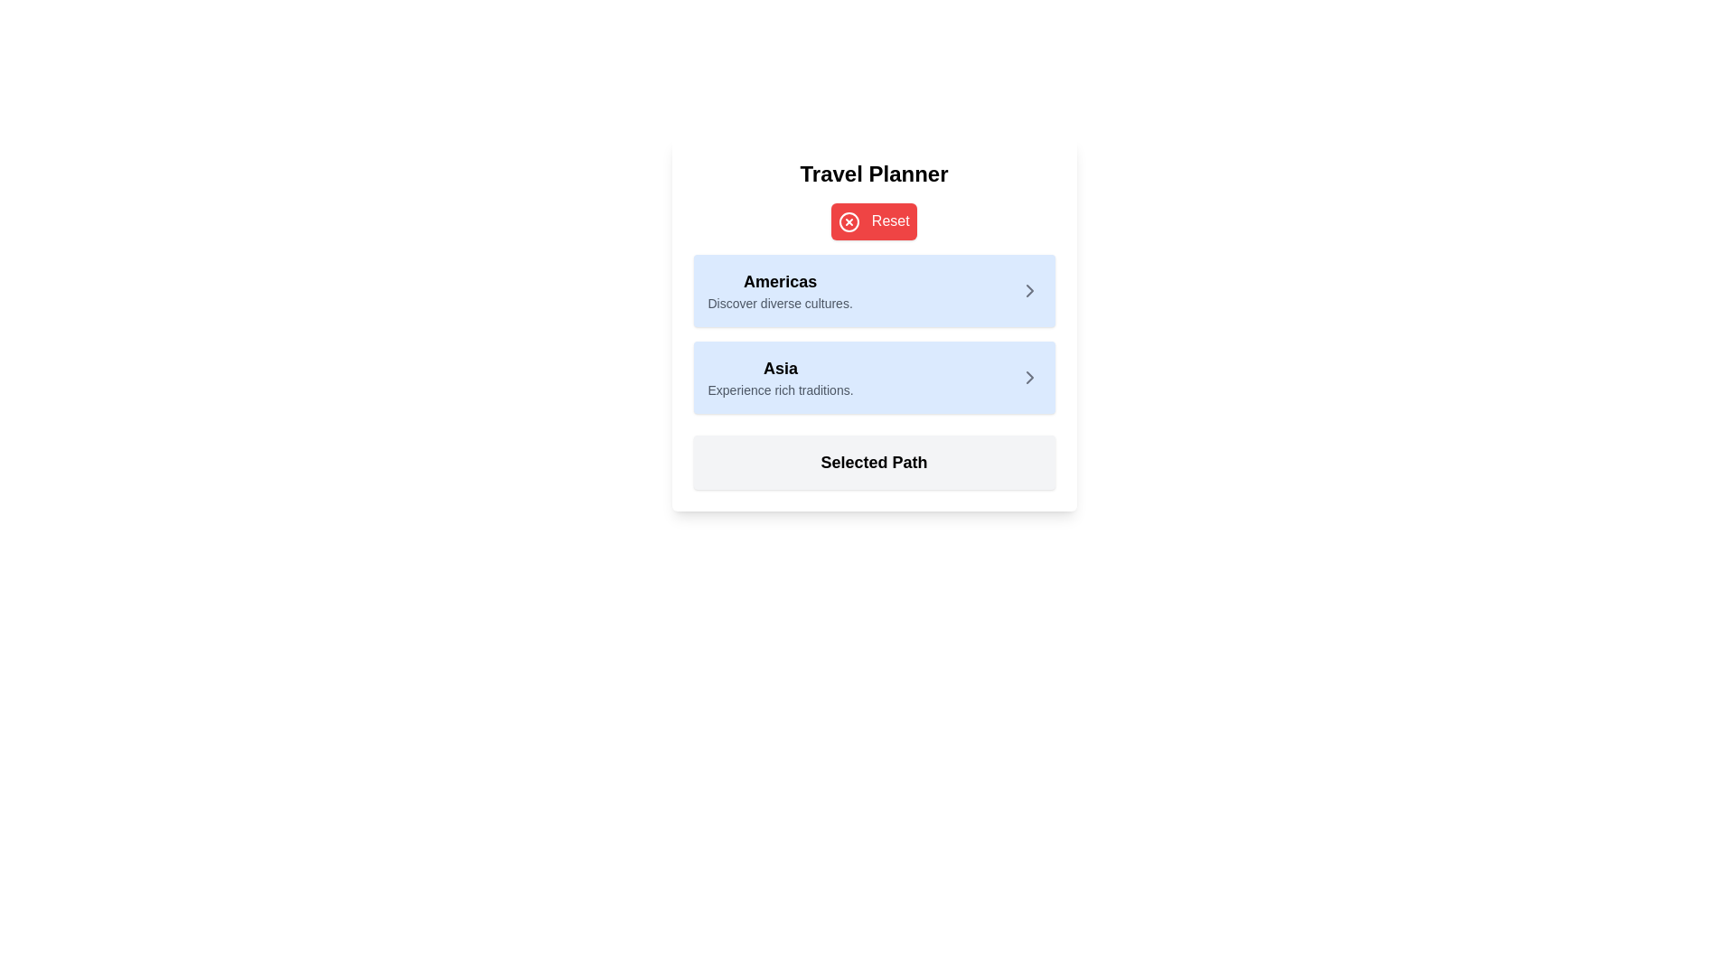 Image resolution: width=1735 pixels, height=976 pixels. What do you see at coordinates (780, 302) in the screenshot?
I see `the static text label that states 'Discover diverse cultures.' which is styled in gray color and located below the 'Americas' heading within a blue background` at bounding box center [780, 302].